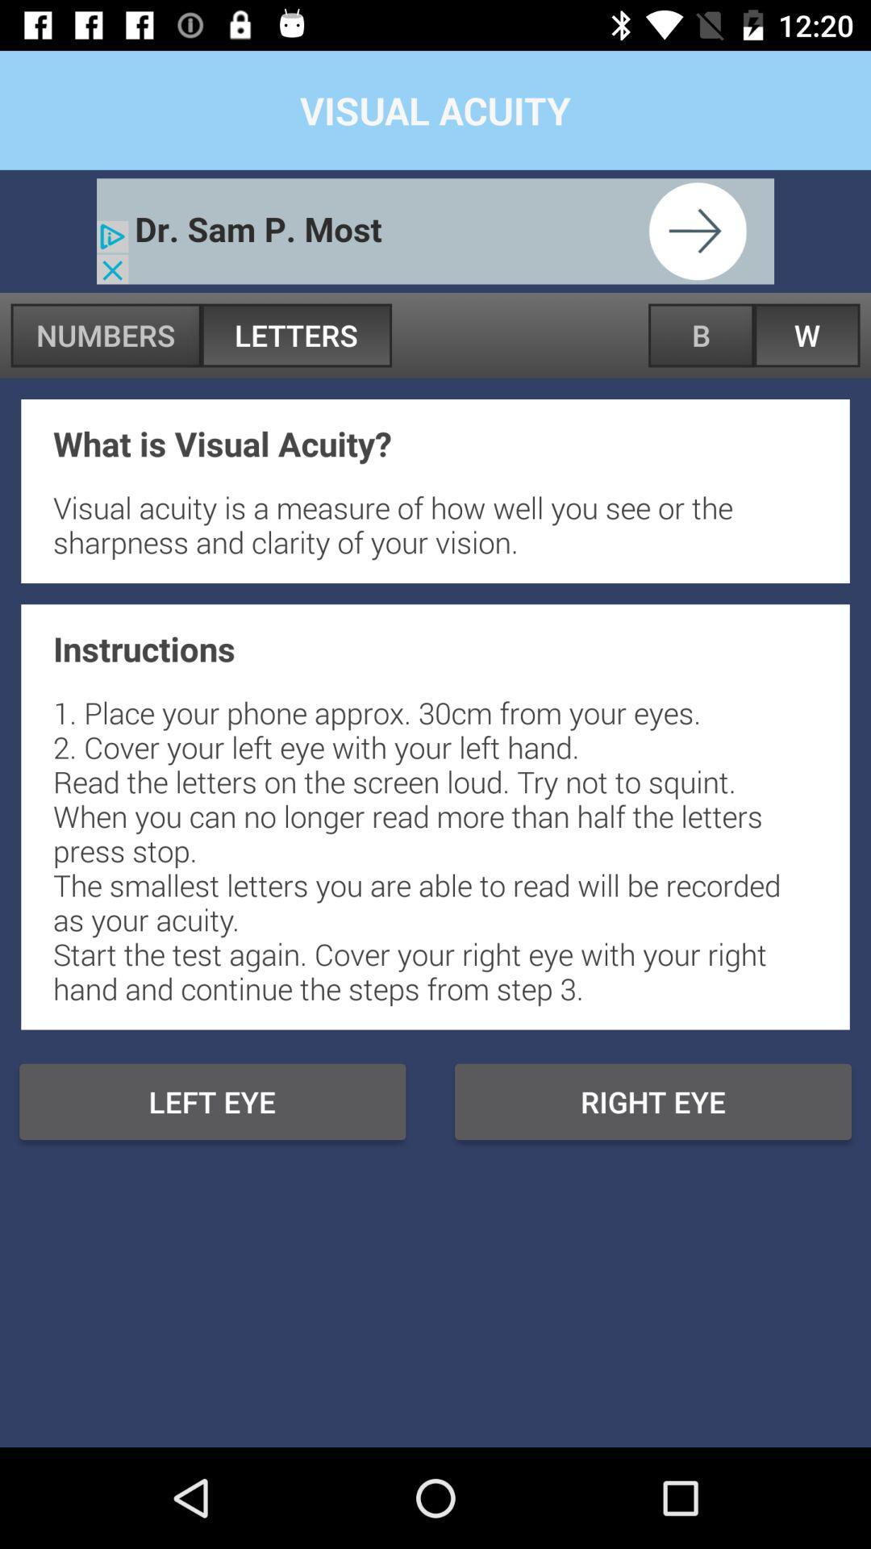  I want to click on external advertisement, so click(435, 230).